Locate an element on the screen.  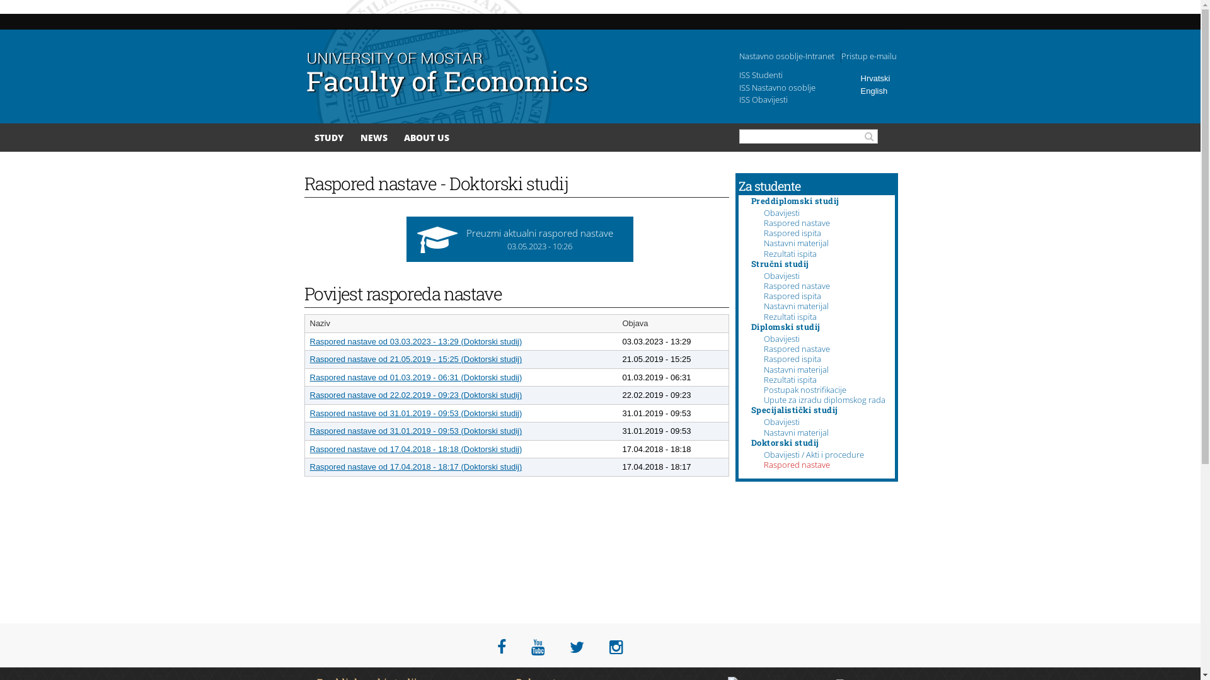
'ISS Obavijesti' is located at coordinates (738, 99).